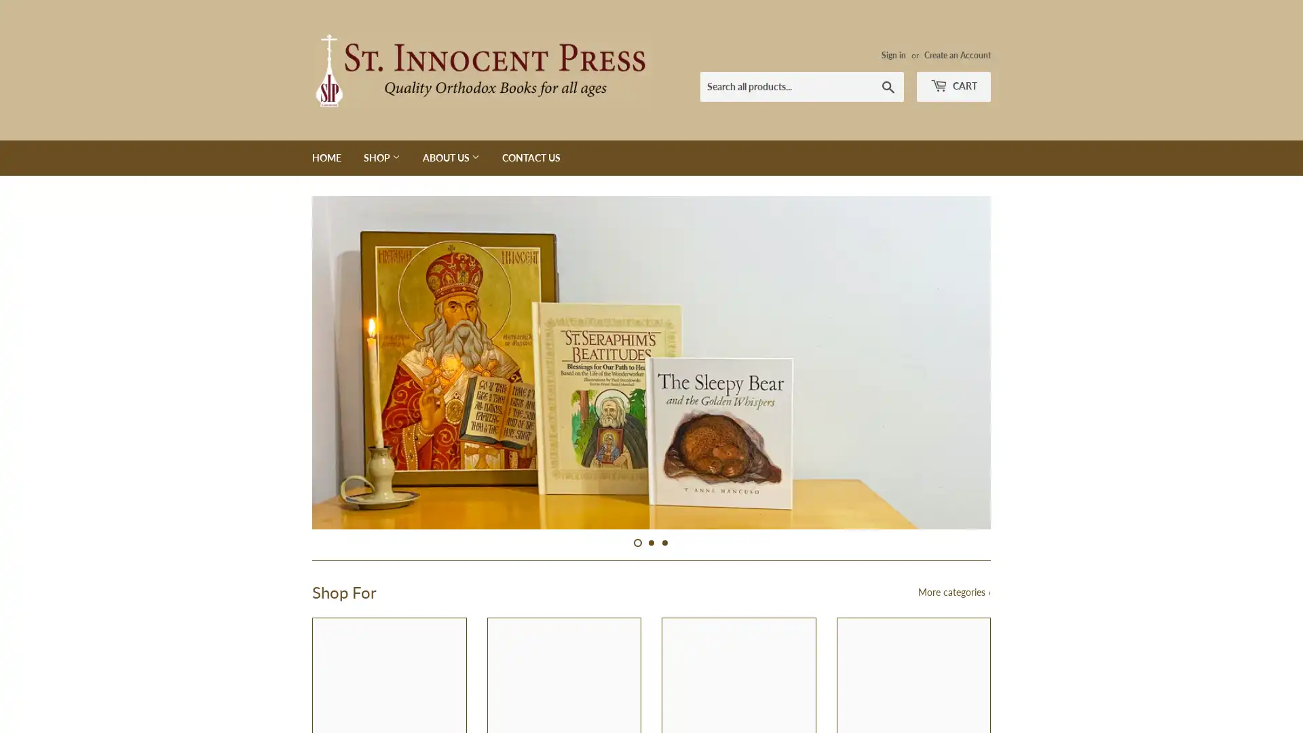  I want to click on Search, so click(888, 86).